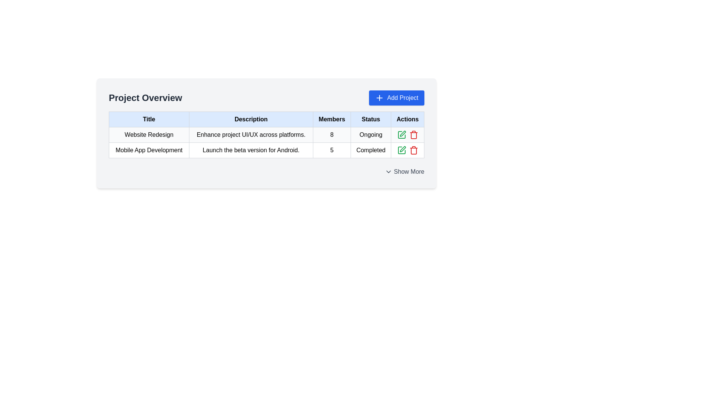  Describe the element at coordinates (413, 135) in the screenshot. I see `the delete icon button associated with the 'Mobile App Development' project` at that location.